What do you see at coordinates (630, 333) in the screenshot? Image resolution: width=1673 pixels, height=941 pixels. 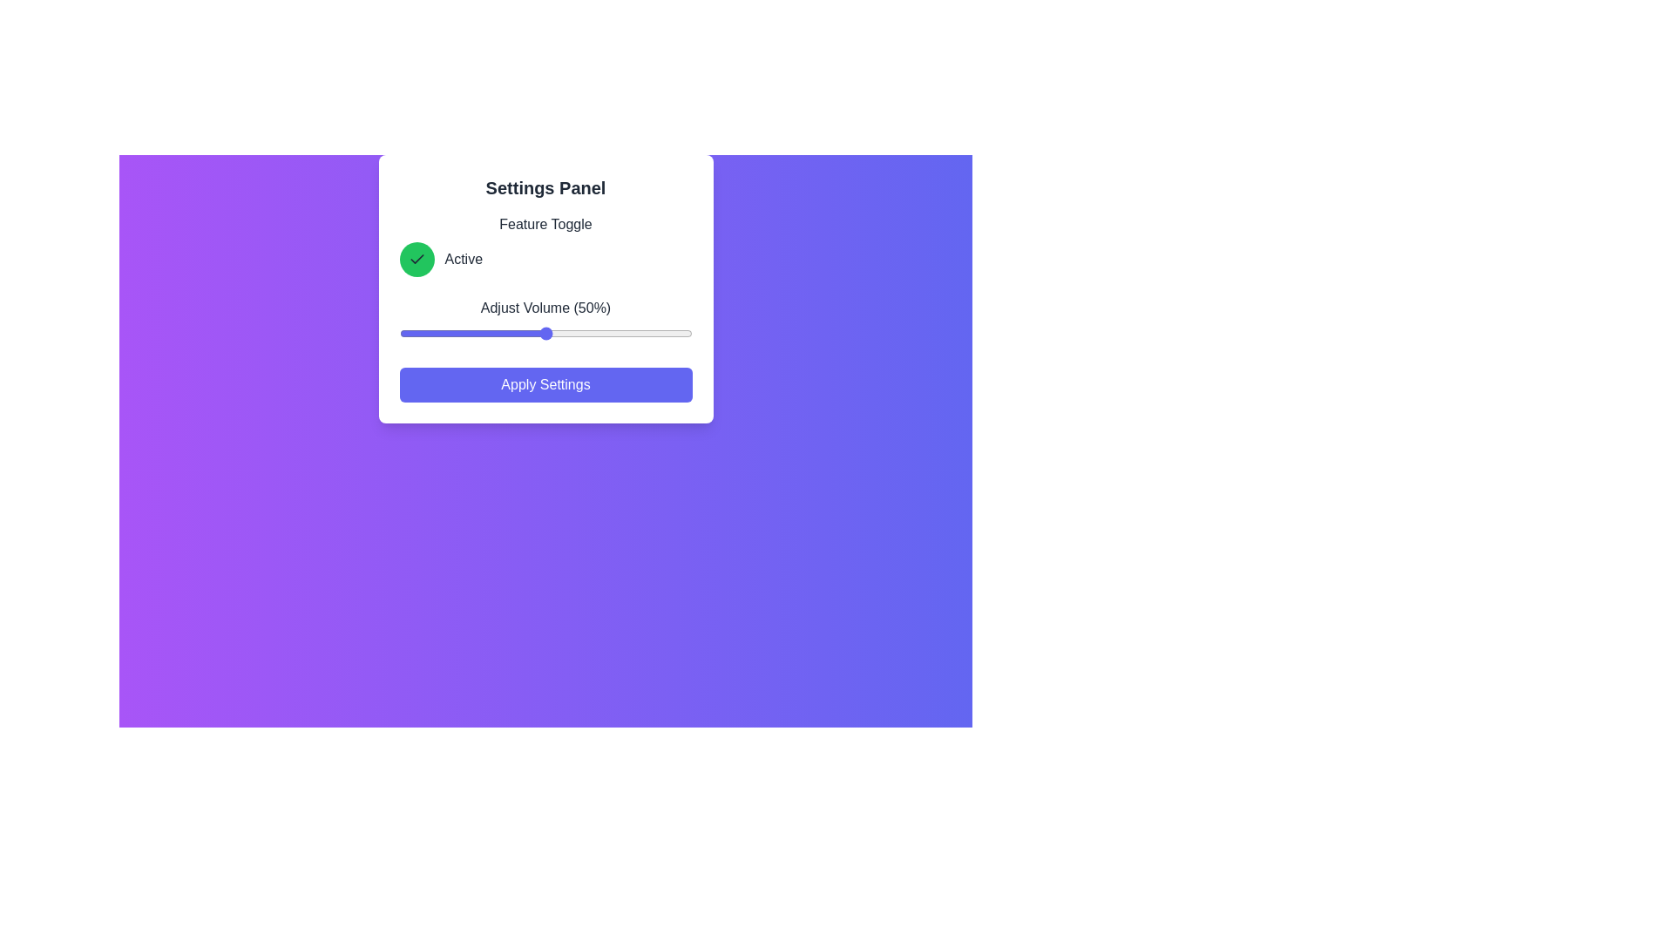 I see `volume` at bounding box center [630, 333].